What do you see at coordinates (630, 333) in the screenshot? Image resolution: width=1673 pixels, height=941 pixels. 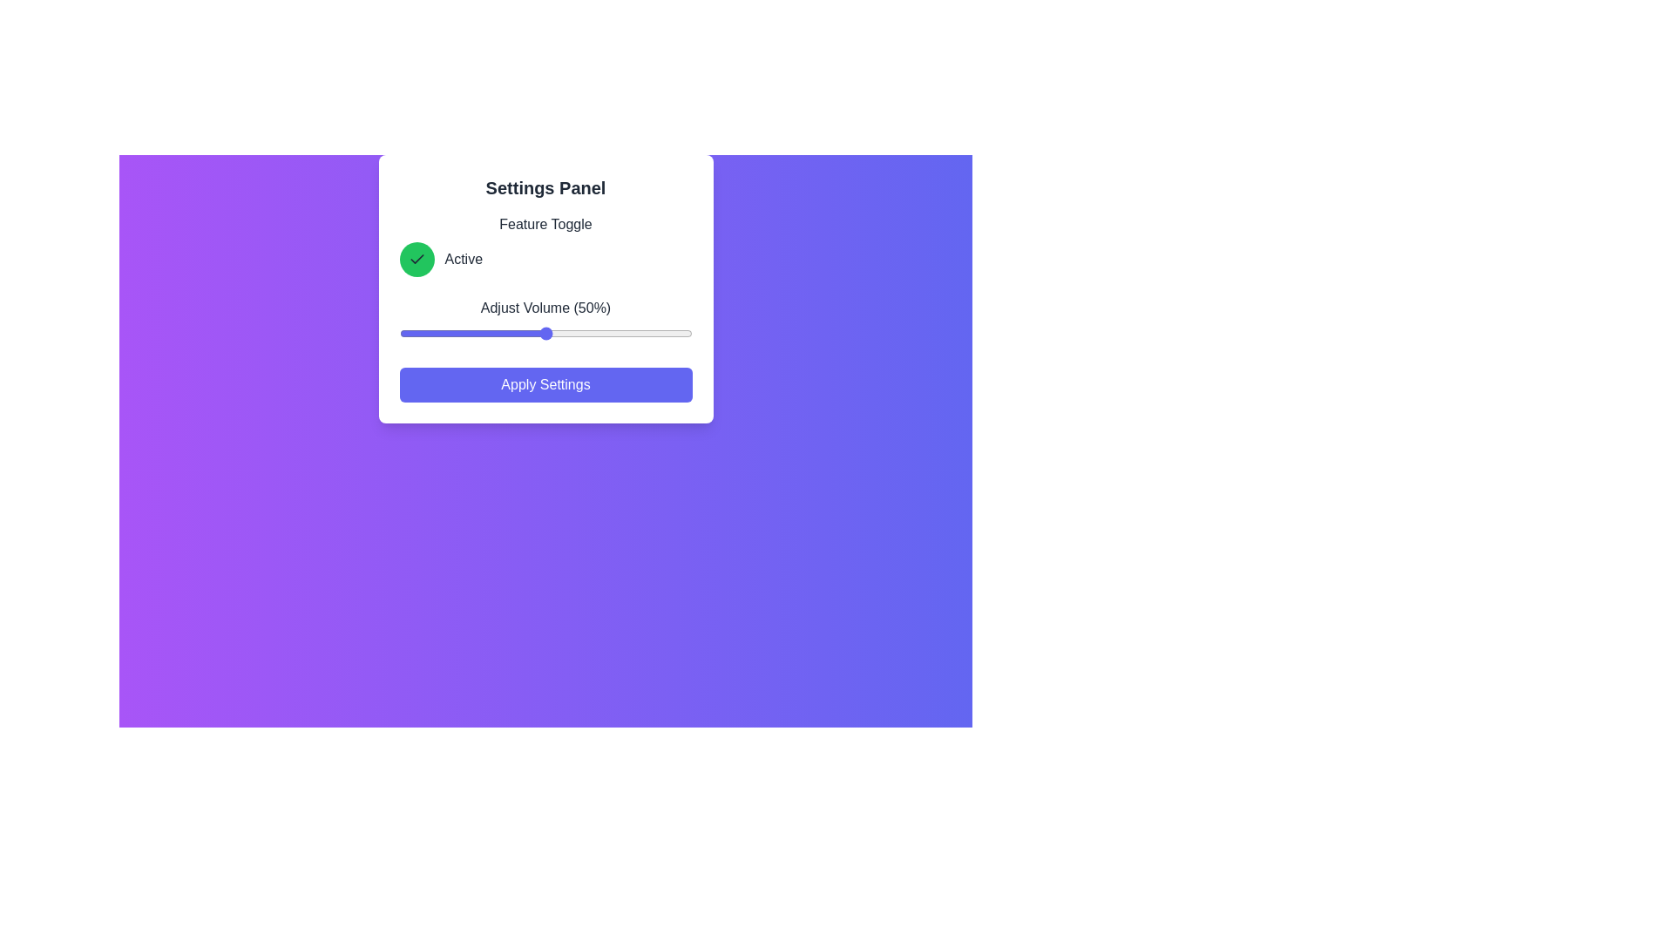 I see `volume` at bounding box center [630, 333].